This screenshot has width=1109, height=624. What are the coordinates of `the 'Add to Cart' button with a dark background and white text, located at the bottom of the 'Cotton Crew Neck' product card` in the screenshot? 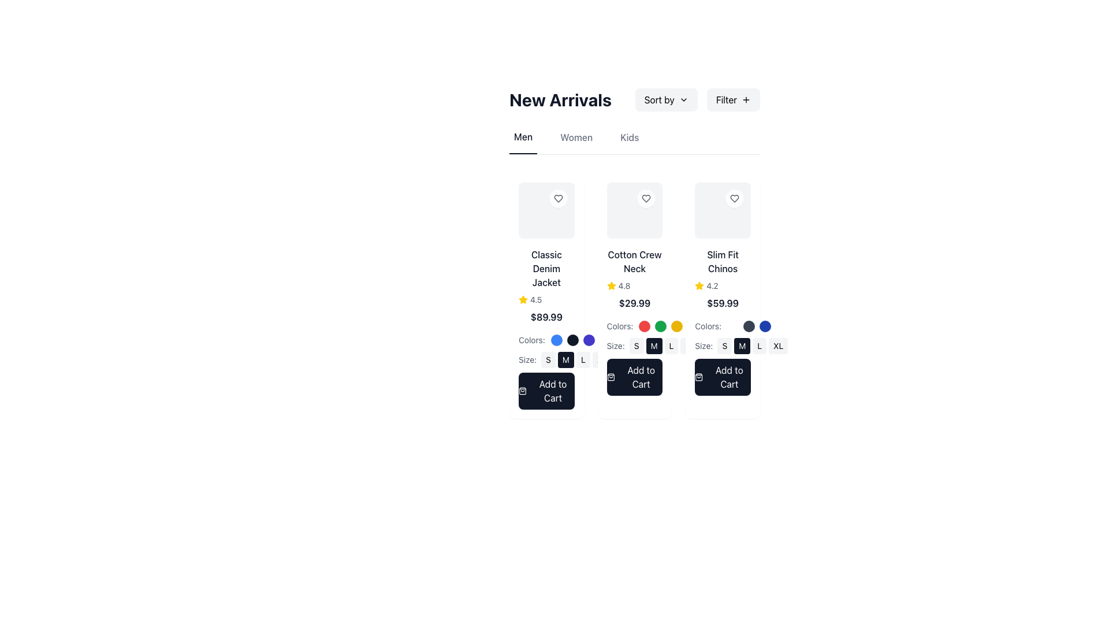 It's located at (634, 377).